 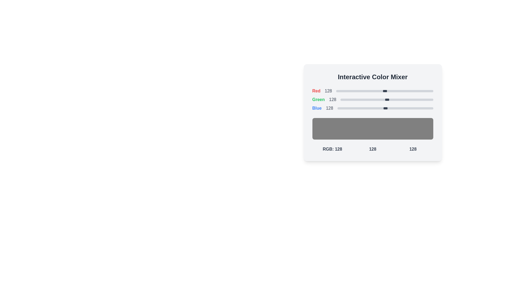 What do you see at coordinates (360, 100) in the screenshot?
I see `the green color intensity` at bounding box center [360, 100].